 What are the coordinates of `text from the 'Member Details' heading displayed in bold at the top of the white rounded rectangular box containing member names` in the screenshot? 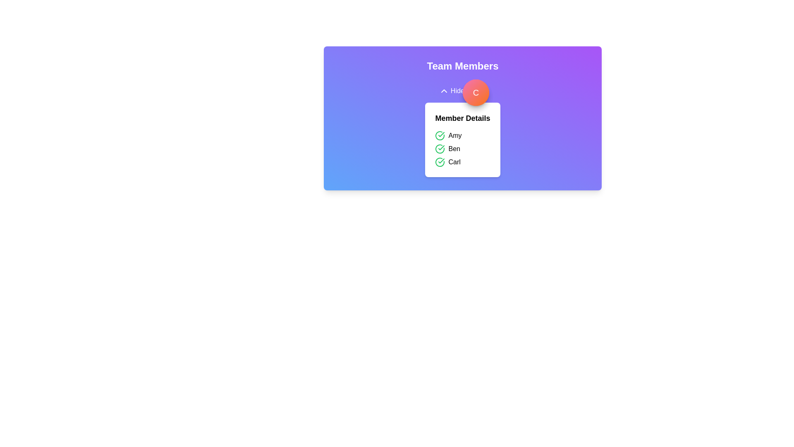 It's located at (462, 118).